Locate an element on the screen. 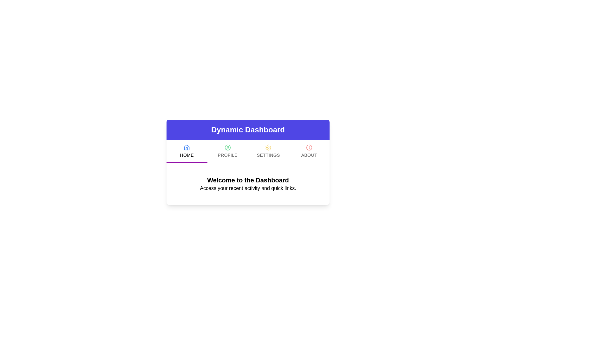  the circular graphical component with a red fill located inside the 'ABOUT' tab in the navigation menu, which represents an informational or warning sign is located at coordinates (309, 148).